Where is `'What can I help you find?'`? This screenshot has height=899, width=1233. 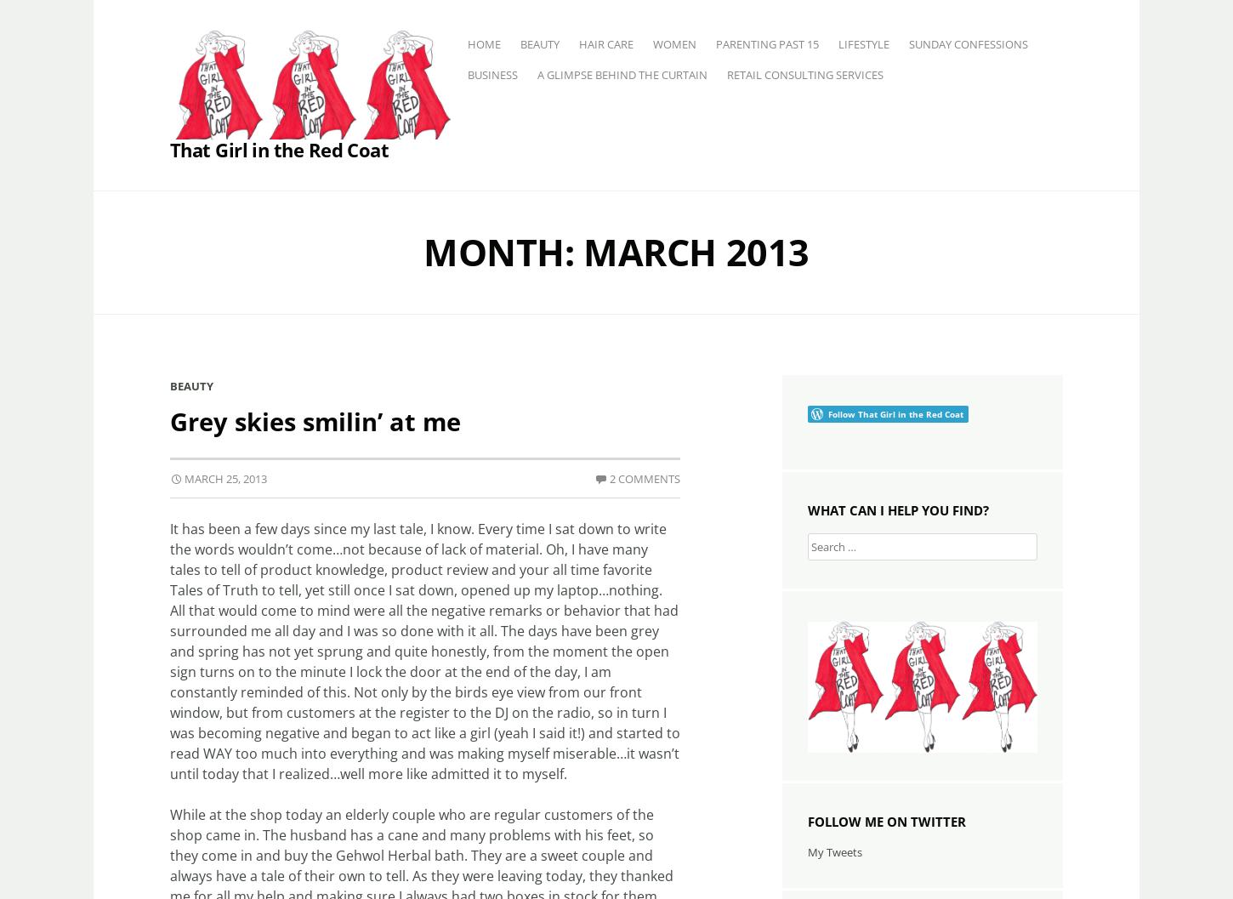
'What can I help you find?' is located at coordinates (898, 509).